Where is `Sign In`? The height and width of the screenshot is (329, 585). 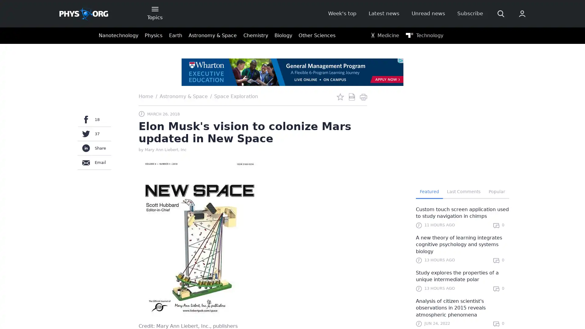
Sign In is located at coordinates (447, 103).